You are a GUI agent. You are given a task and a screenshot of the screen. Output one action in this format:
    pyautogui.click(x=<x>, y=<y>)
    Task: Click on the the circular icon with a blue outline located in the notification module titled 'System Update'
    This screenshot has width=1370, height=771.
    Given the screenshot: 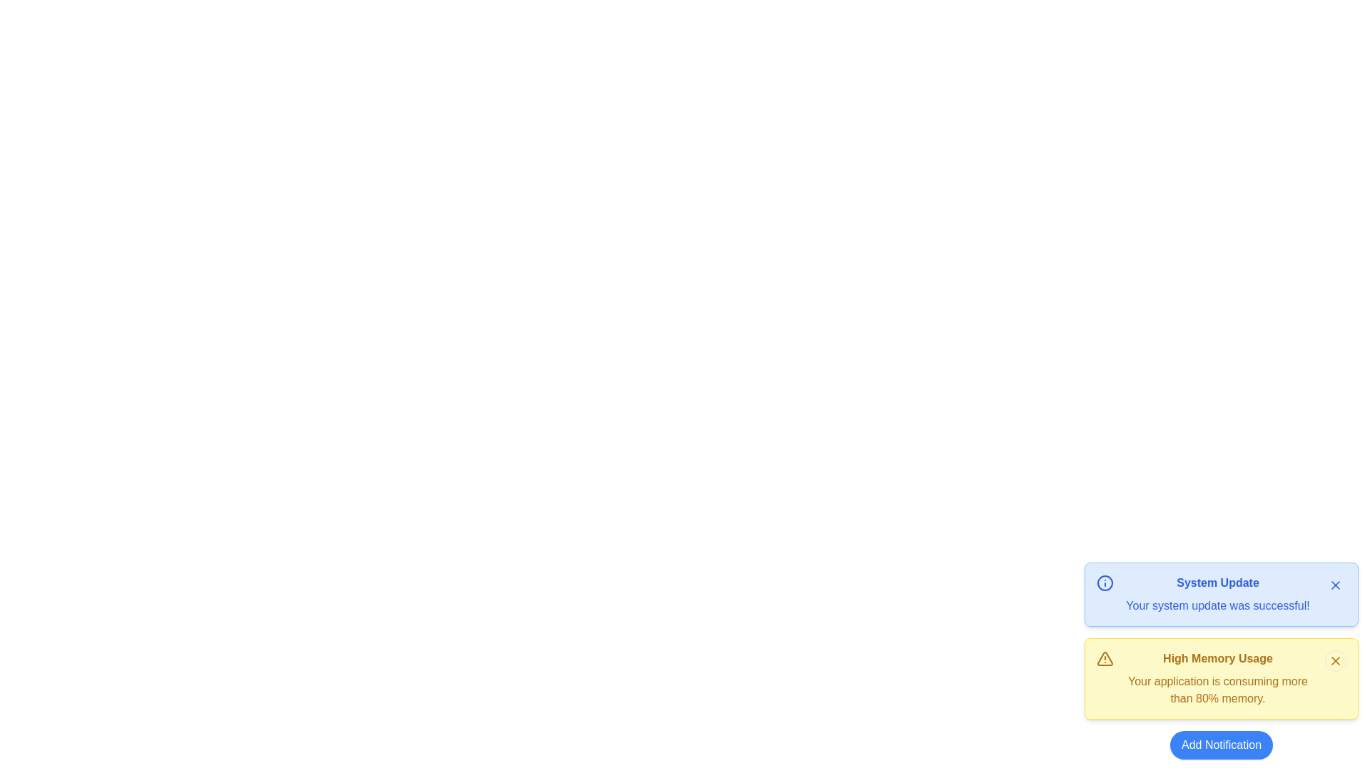 What is the action you would take?
    pyautogui.click(x=1105, y=583)
    